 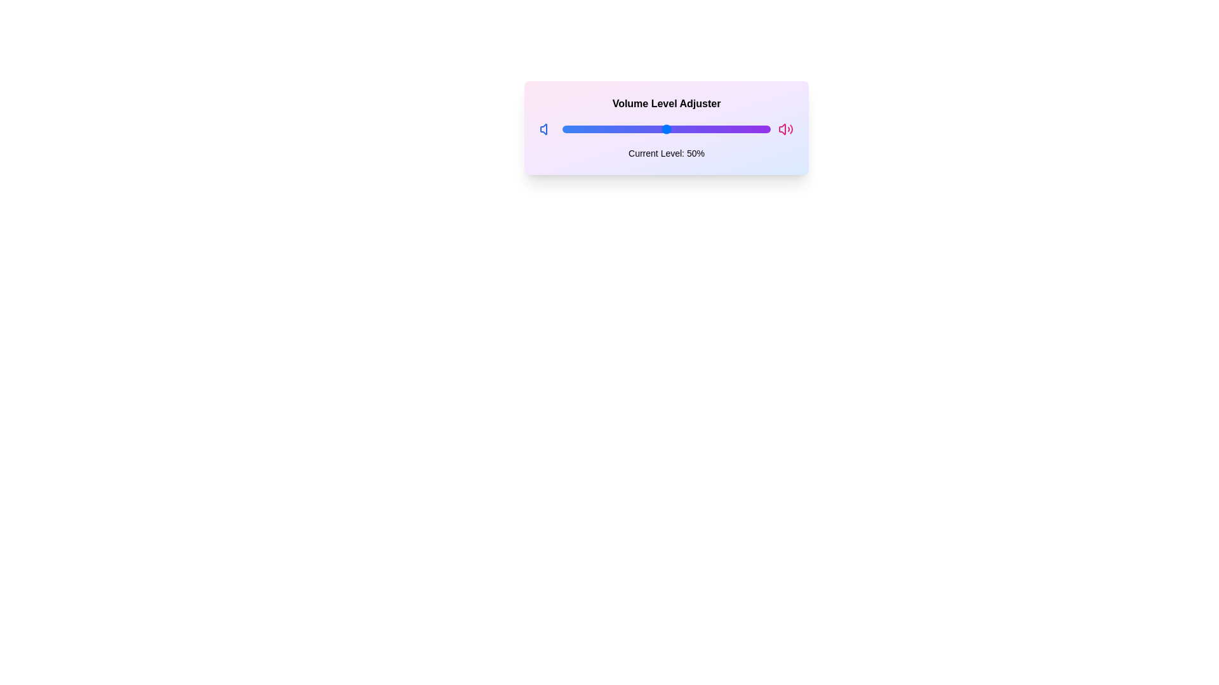 What do you see at coordinates (747, 129) in the screenshot?
I see `the volume slider to set the volume to 89%` at bounding box center [747, 129].